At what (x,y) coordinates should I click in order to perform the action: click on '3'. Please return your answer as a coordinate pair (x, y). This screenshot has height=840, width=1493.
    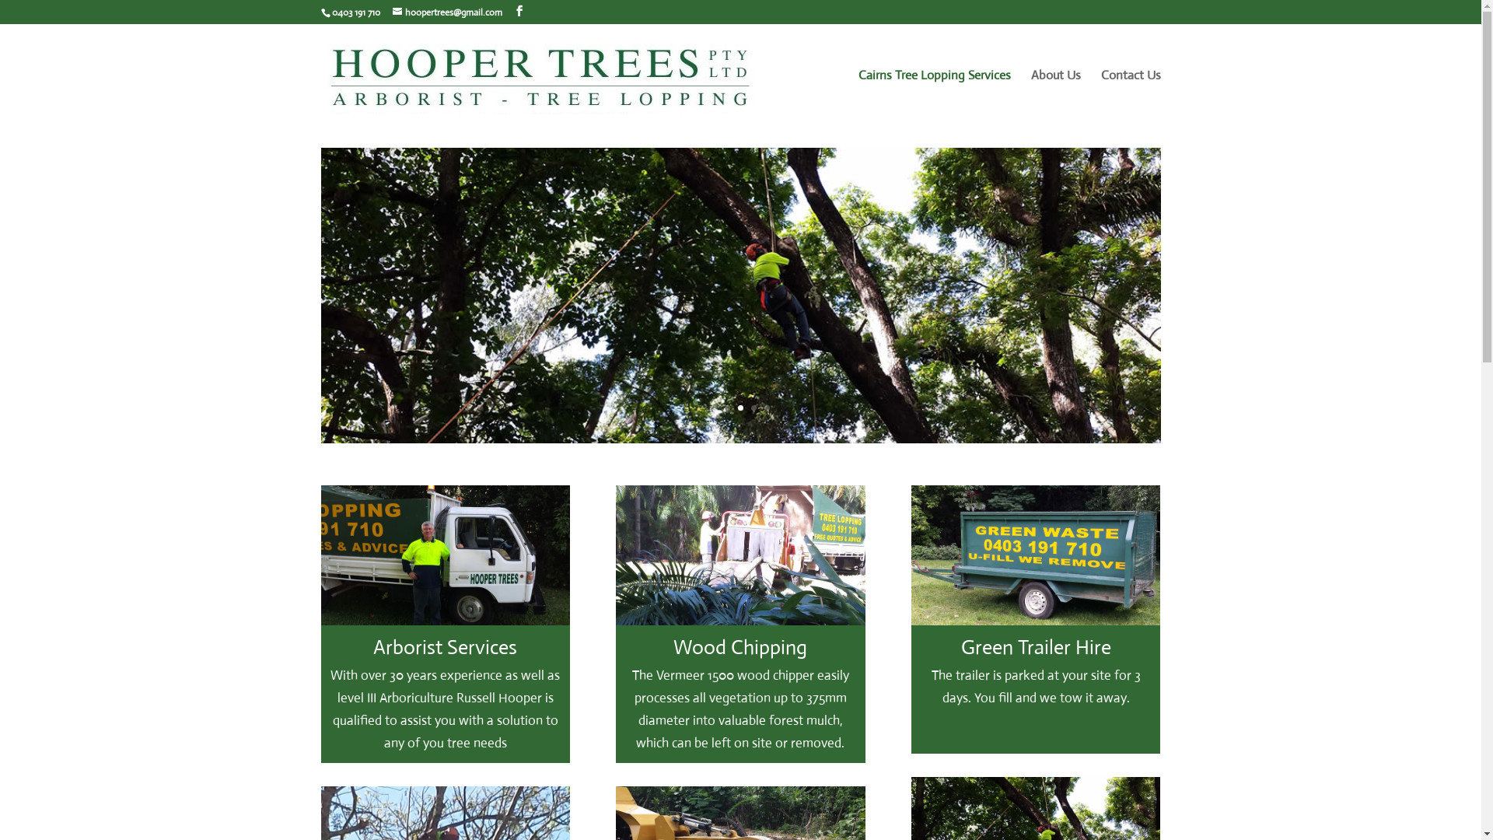
    Looking at the image, I should click on (740, 407).